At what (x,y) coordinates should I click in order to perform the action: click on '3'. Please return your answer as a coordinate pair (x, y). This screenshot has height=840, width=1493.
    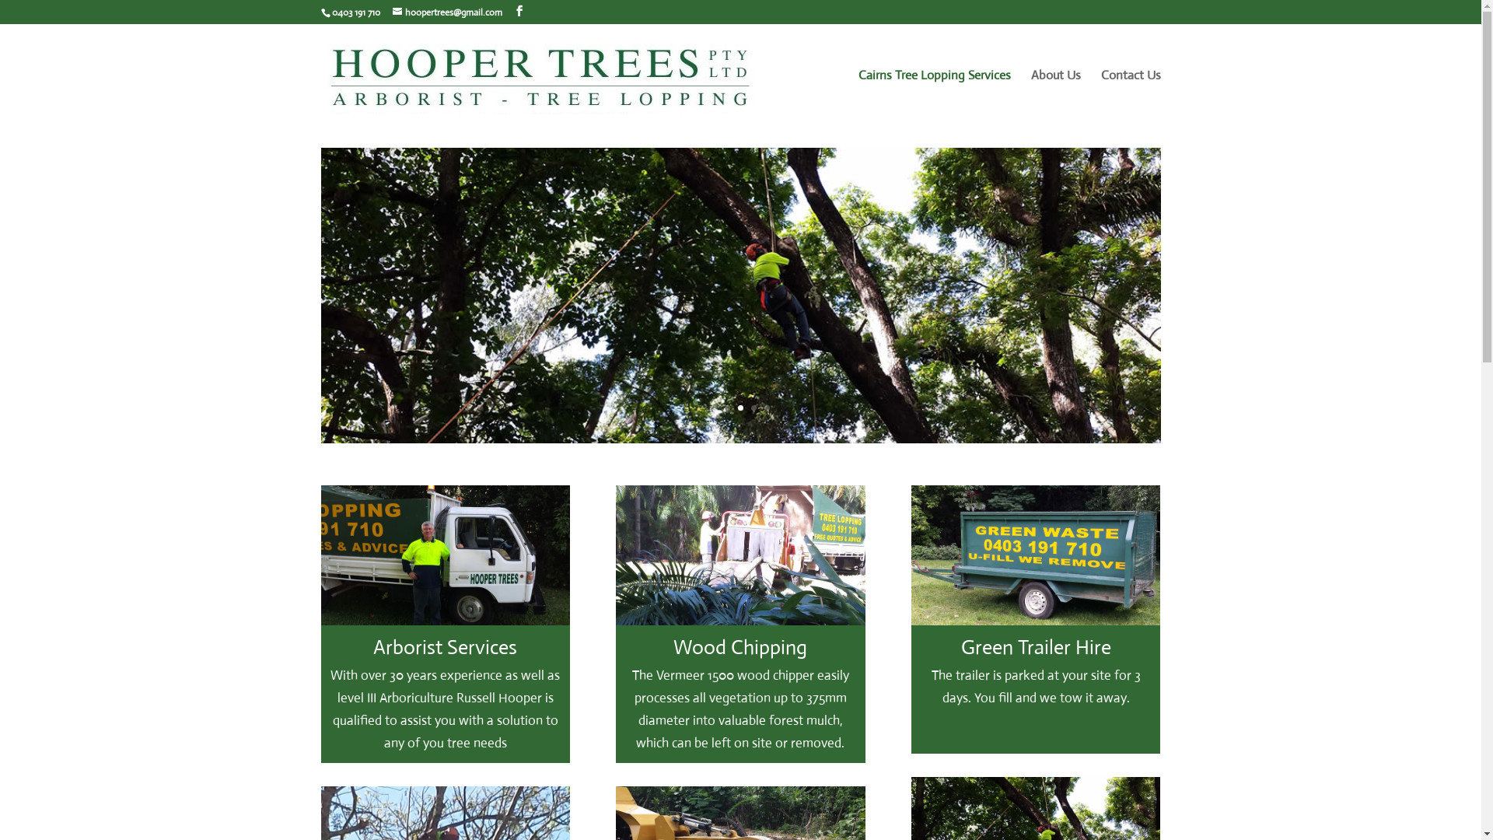
    Looking at the image, I should click on (740, 407).